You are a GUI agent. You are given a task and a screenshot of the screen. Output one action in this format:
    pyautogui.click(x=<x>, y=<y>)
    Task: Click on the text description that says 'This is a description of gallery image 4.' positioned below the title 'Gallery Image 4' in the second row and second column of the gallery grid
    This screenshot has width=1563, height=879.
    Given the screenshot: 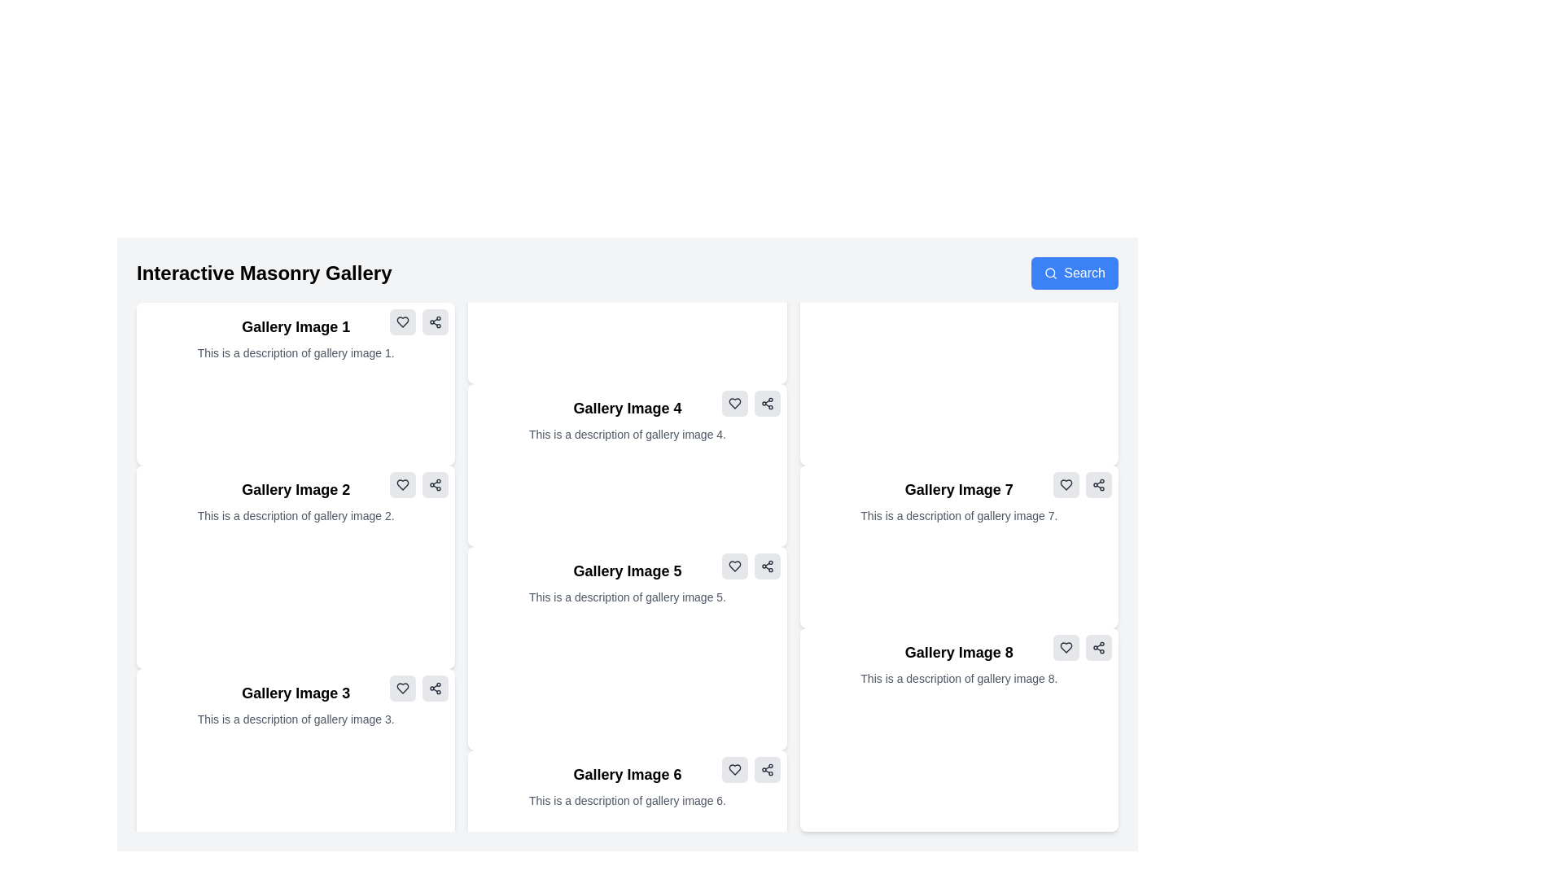 What is the action you would take?
    pyautogui.click(x=627, y=433)
    